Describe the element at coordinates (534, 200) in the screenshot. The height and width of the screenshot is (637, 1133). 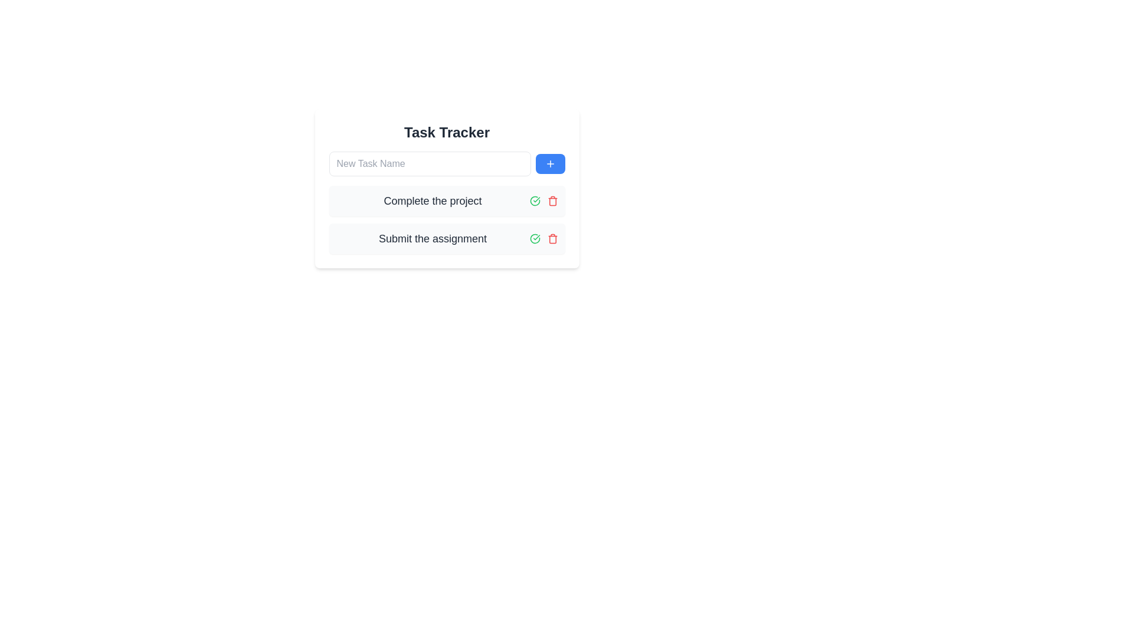
I see `the circular green icon with a checkmark that indicates the completion of the 'Submit the assignment' action` at that location.